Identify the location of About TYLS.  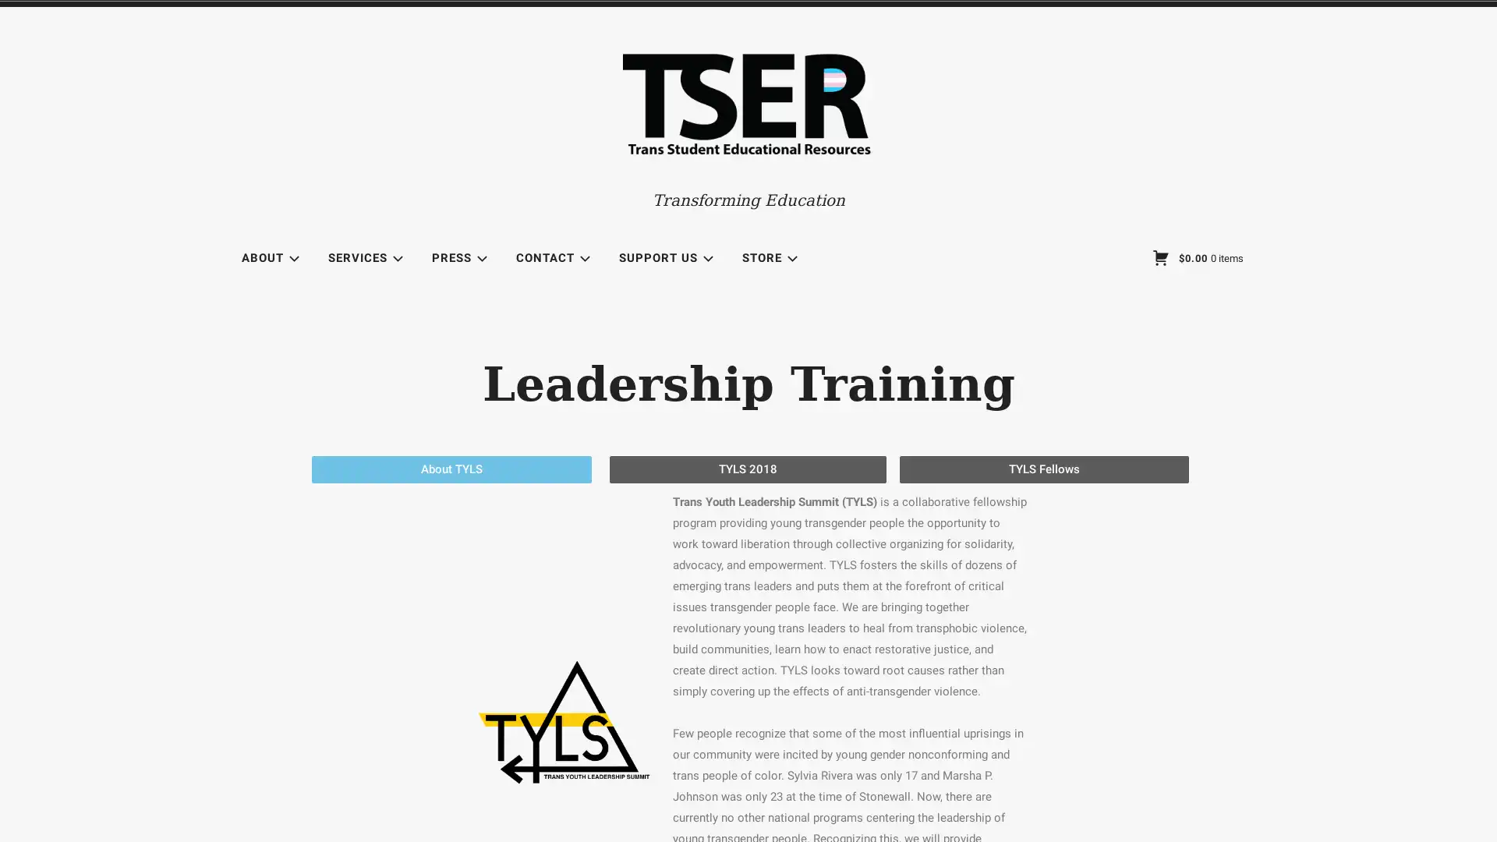
(451, 469).